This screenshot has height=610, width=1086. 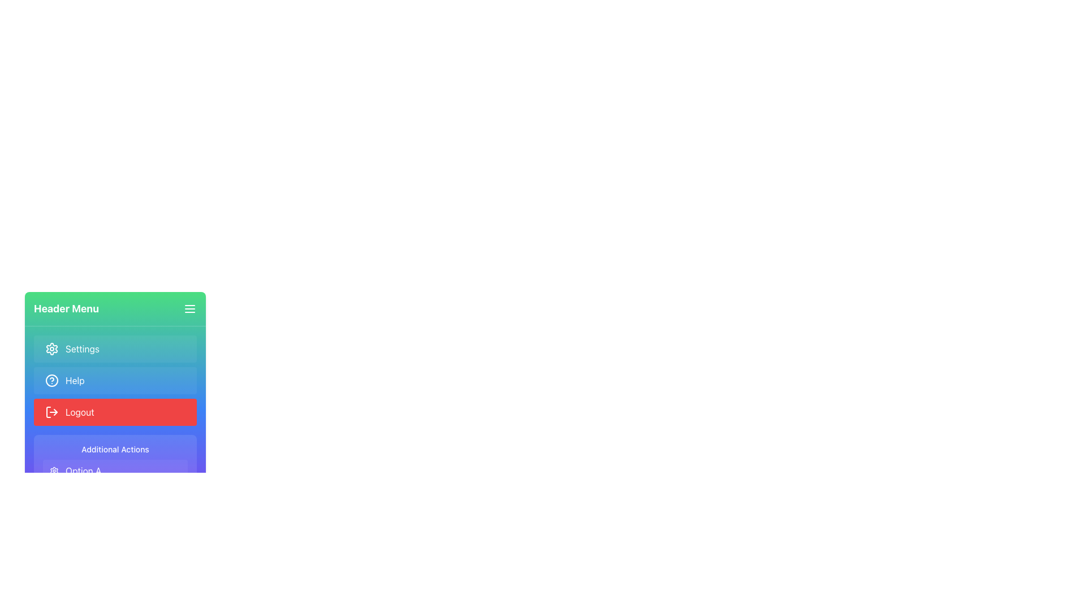 I want to click on the 'Additional Actions' text label, which is a medium-sized, bold, white font on a blue background, serving as a header in the menu interface, so click(x=115, y=448).